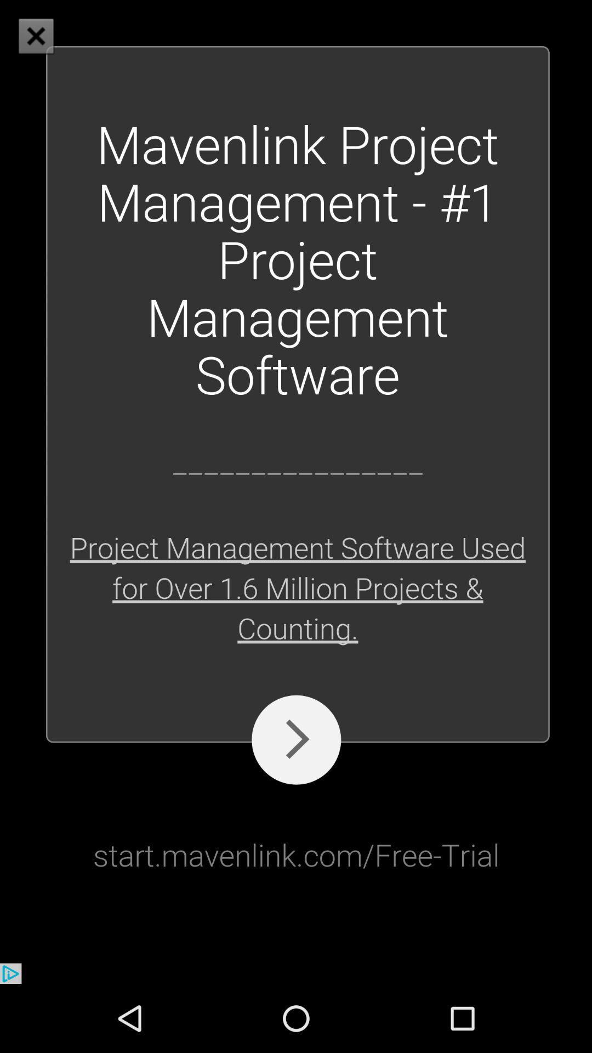  I want to click on the close icon, so click(50, 53).